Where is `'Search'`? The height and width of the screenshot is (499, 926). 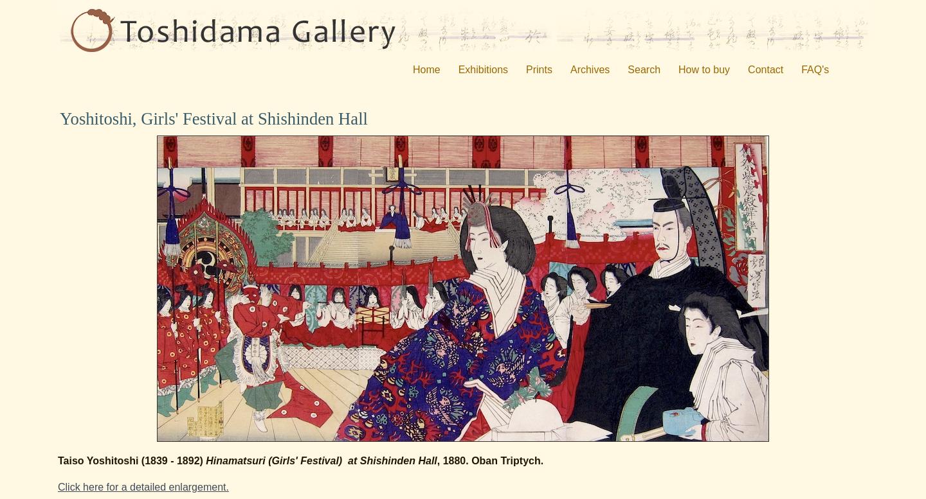 'Search' is located at coordinates (643, 69).